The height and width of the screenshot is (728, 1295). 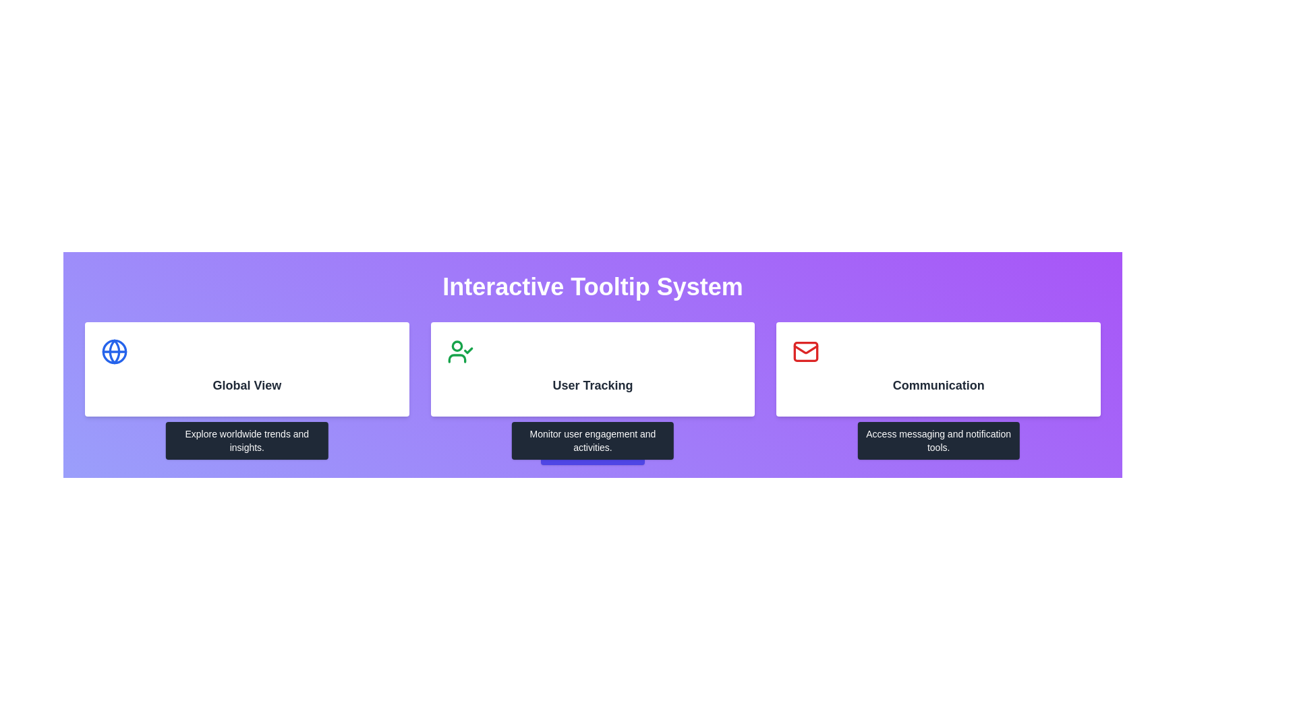 What do you see at coordinates (247, 385) in the screenshot?
I see `the 'Global View' text label, which is bold and slightly larger, located within a white rectangular widget beneath a globe icon` at bounding box center [247, 385].